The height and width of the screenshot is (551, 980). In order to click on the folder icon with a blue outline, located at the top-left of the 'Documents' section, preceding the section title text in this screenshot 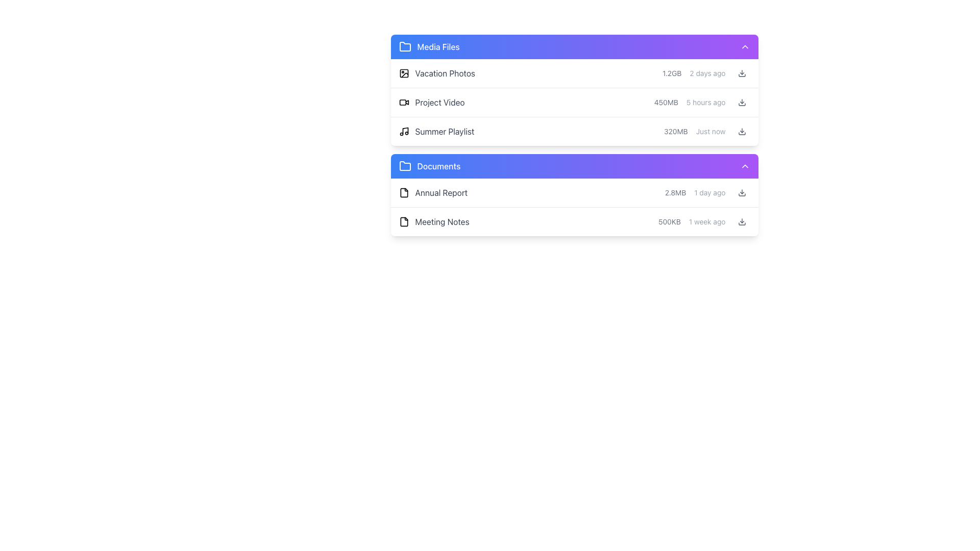, I will do `click(404, 165)`.